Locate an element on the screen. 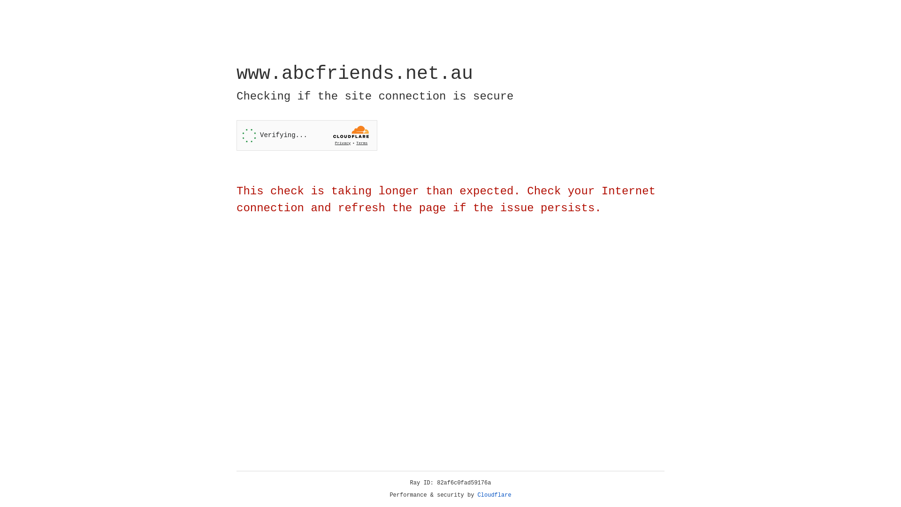  'Widget containing a Cloudflare security challenge' is located at coordinates (306, 135).